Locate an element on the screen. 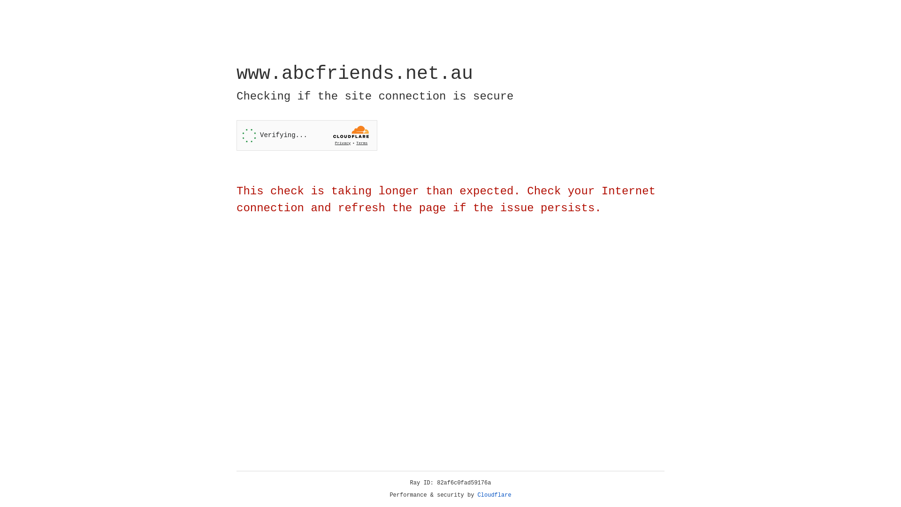  'Widget containing a Cloudflare security challenge' is located at coordinates (306, 135).